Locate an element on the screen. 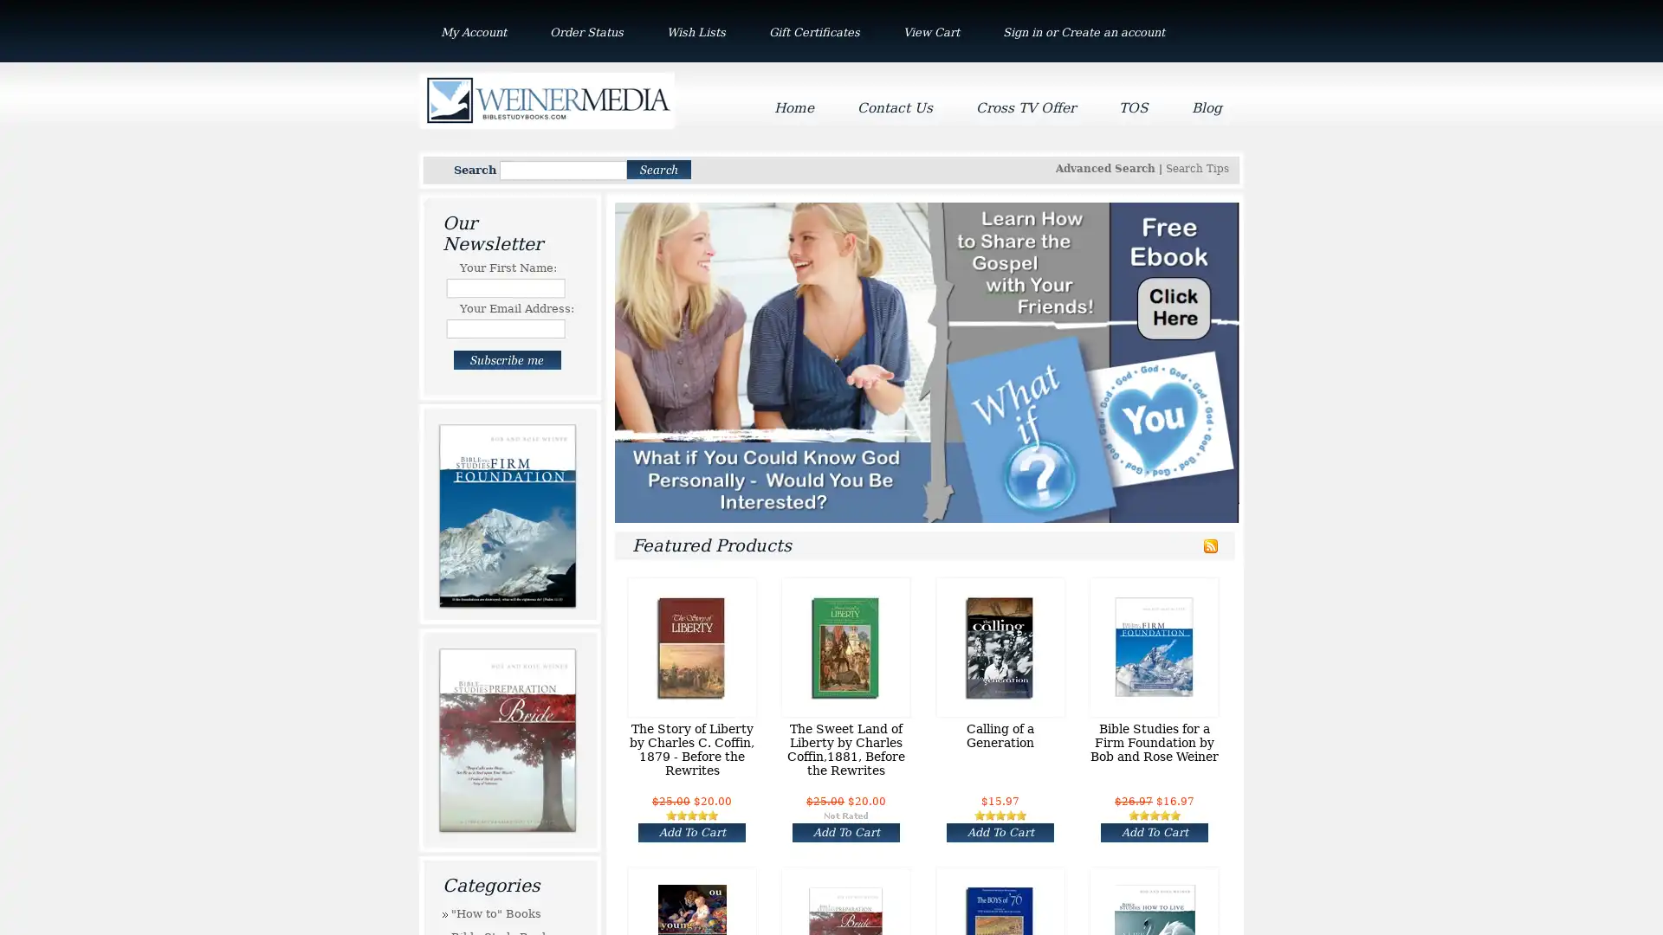 Image resolution: width=1663 pixels, height=935 pixels. Subscribe is located at coordinates (506, 359).